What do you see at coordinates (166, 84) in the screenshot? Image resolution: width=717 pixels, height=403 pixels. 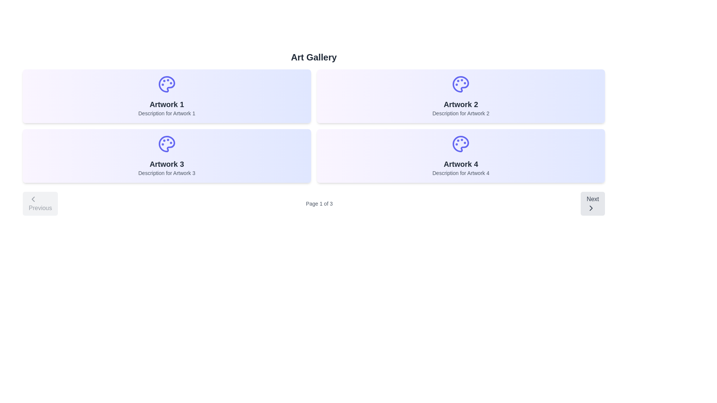 I see `the artistic theme icon located in the top-left card labeled 'Artwork 1', which is centered above the text within the card` at bounding box center [166, 84].